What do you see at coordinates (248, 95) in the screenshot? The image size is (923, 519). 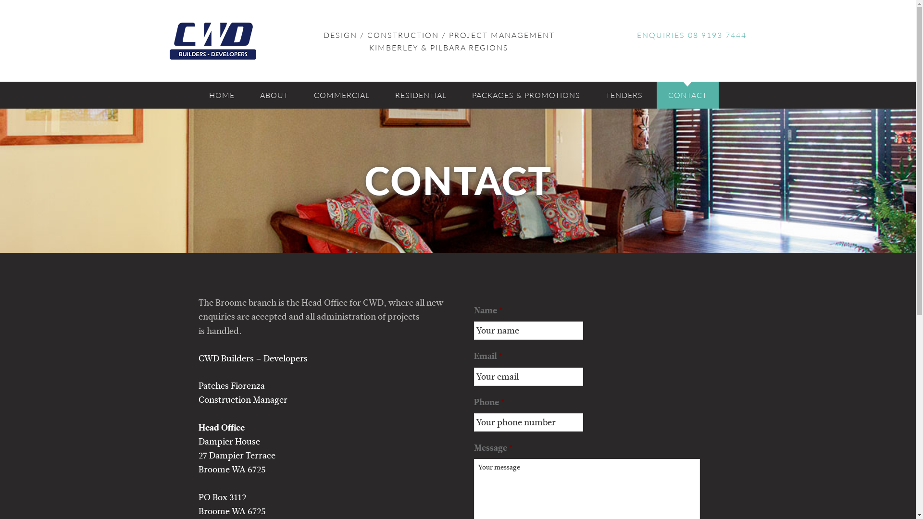 I see `'ABOUT'` at bounding box center [248, 95].